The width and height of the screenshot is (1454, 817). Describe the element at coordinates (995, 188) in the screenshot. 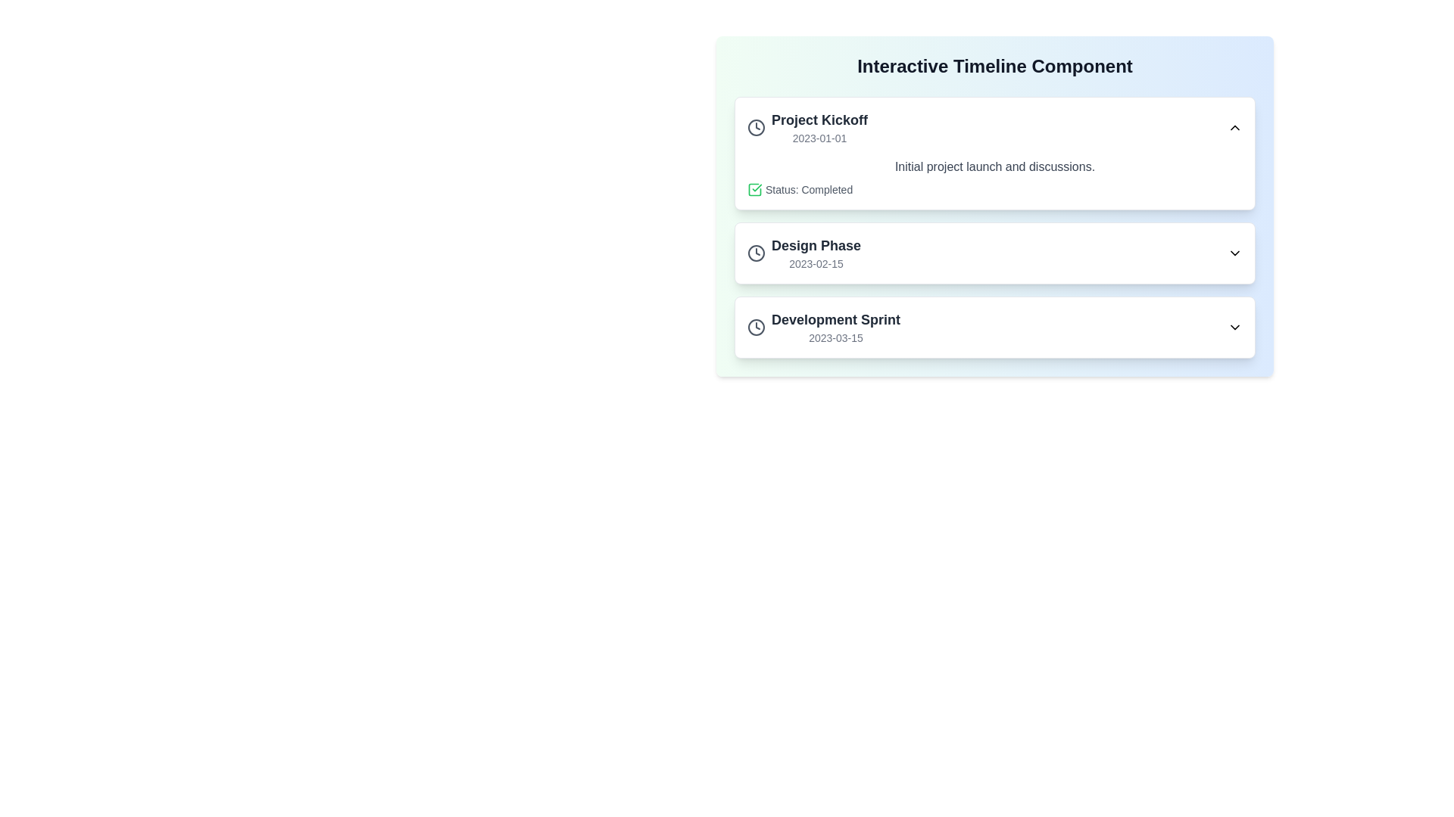

I see `the Status indicator element that displays 'Completed' within the 'Interactive Timeline Component' under 'Project Kickoff'` at that location.